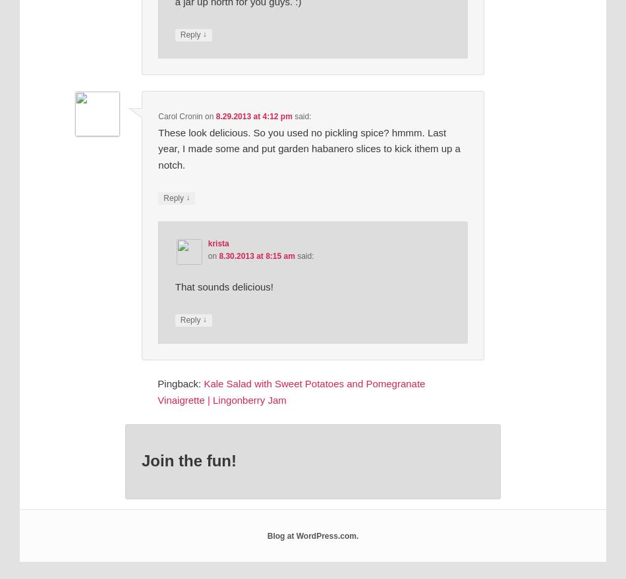 This screenshot has width=626, height=579. Describe the element at coordinates (207, 243) in the screenshot. I see `'krista'` at that location.